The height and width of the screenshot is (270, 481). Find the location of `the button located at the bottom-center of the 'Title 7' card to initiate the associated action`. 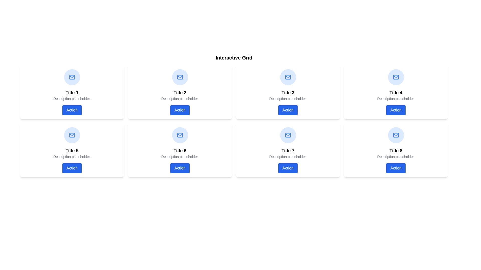

the button located at the bottom-center of the 'Title 7' card to initiate the associated action is located at coordinates (288, 168).